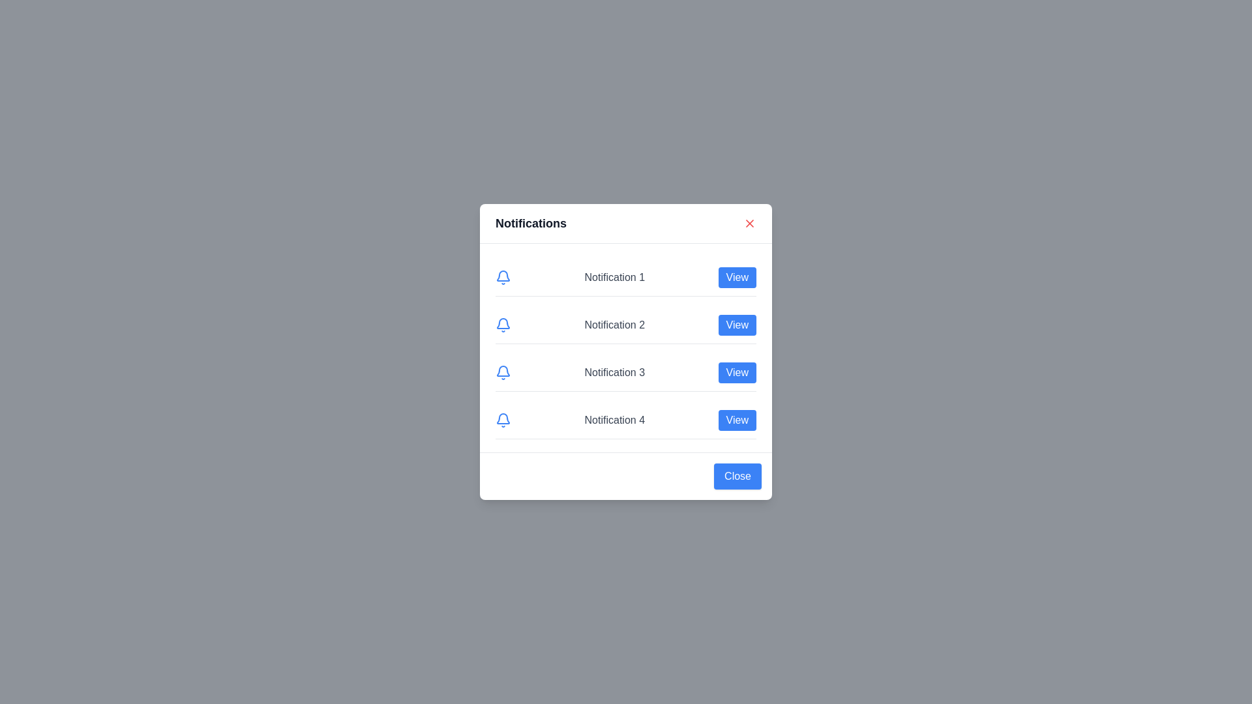  I want to click on 'View' button corresponding to the notification number 4, so click(736, 420).